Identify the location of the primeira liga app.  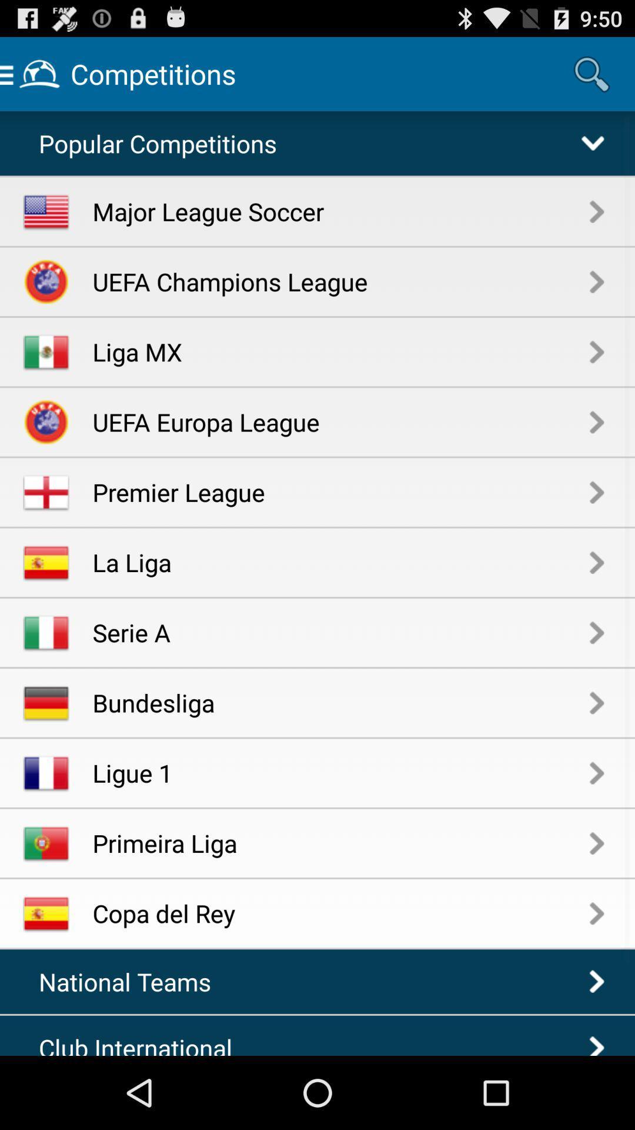
(341, 842).